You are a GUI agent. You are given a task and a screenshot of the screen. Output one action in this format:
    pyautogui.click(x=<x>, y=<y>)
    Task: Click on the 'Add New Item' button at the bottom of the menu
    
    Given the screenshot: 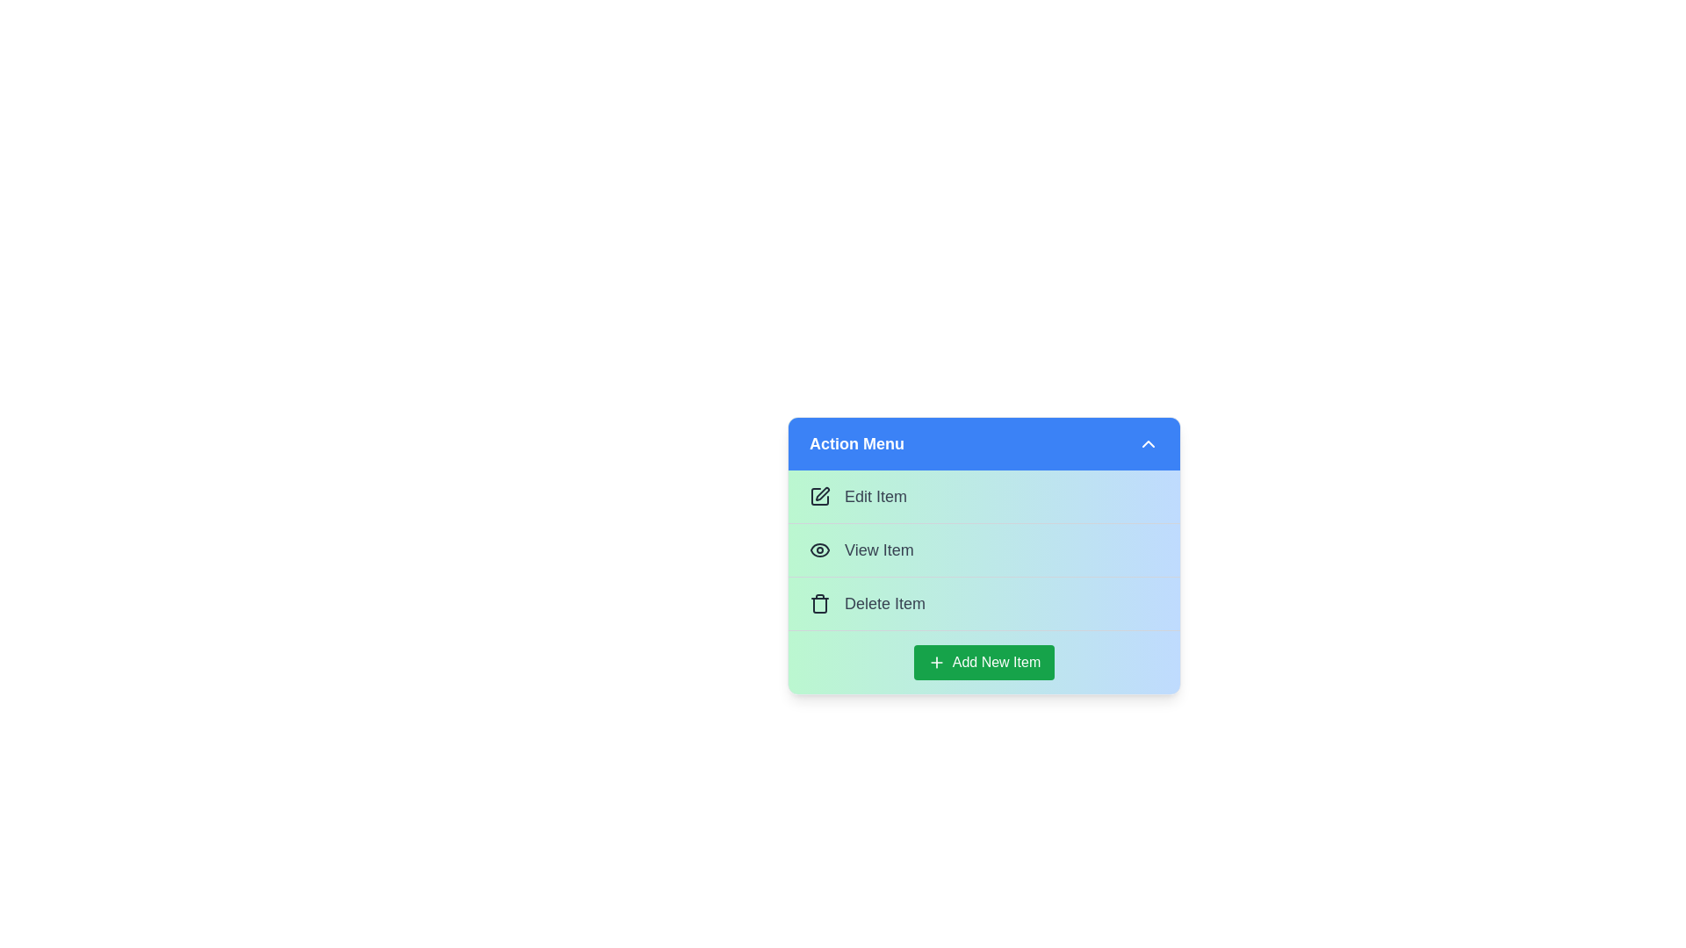 What is the action you would take?
    pyautogui.click(x=983, y=663)
    